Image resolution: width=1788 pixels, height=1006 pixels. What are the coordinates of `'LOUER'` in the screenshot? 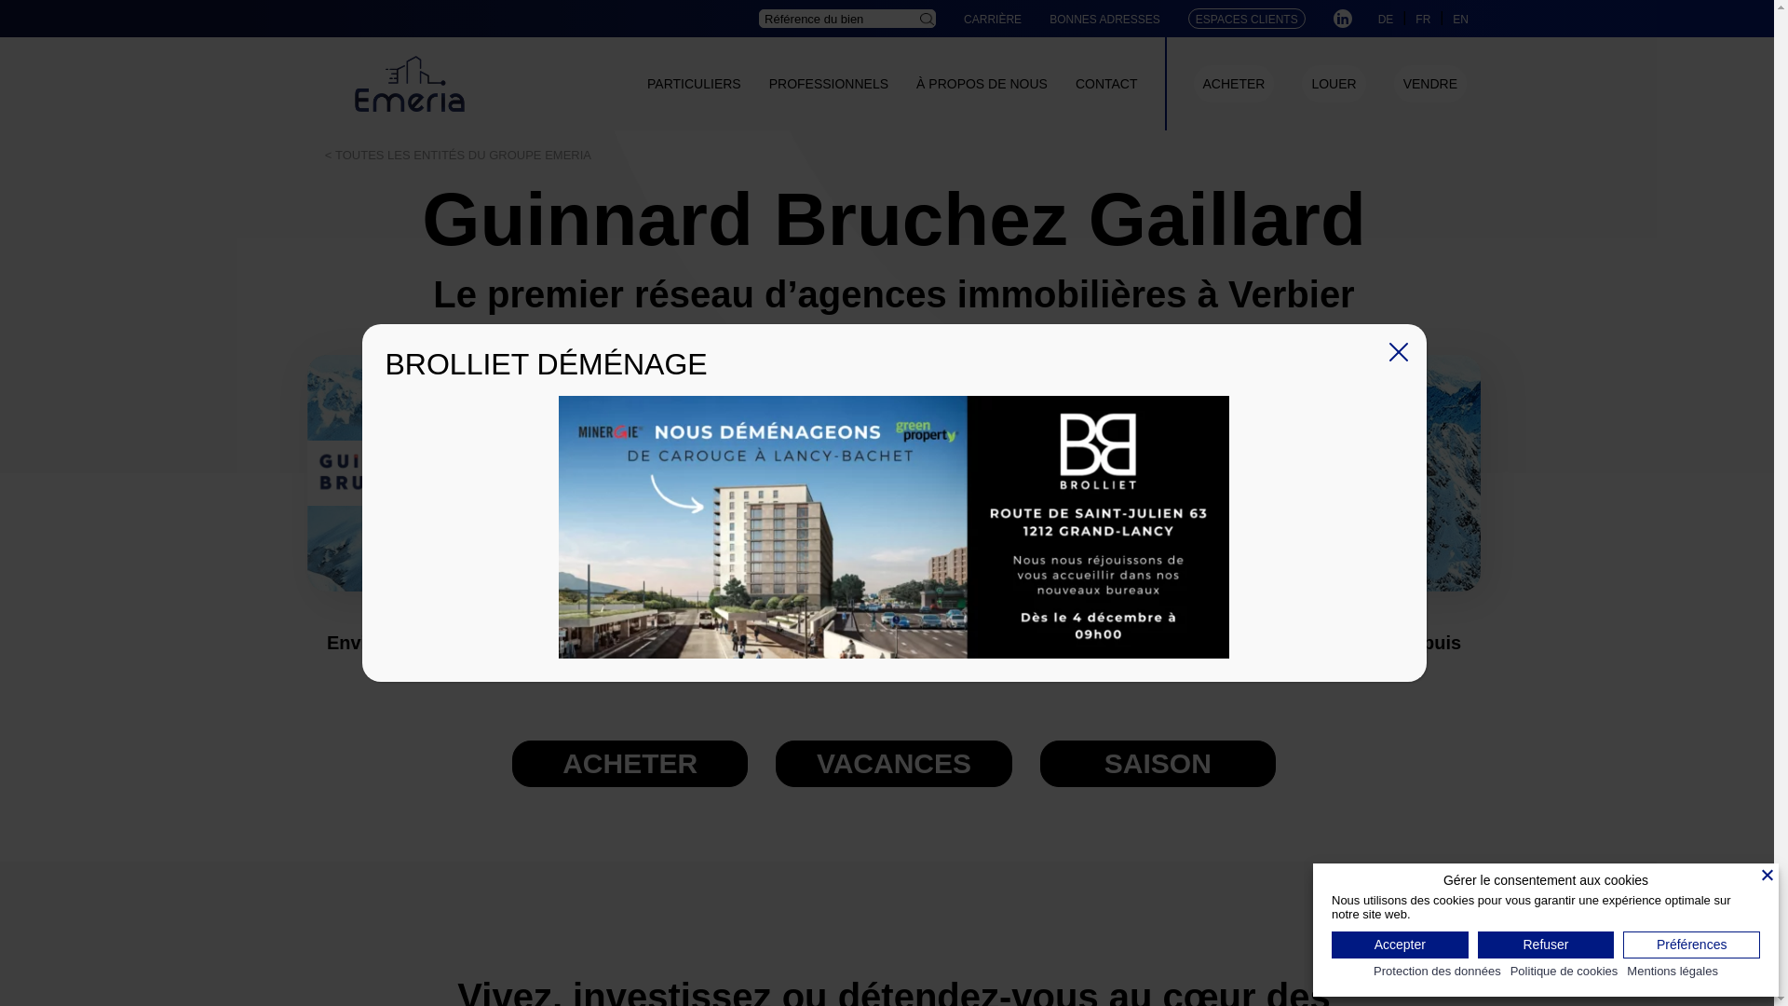 It's located at (1309, 82).